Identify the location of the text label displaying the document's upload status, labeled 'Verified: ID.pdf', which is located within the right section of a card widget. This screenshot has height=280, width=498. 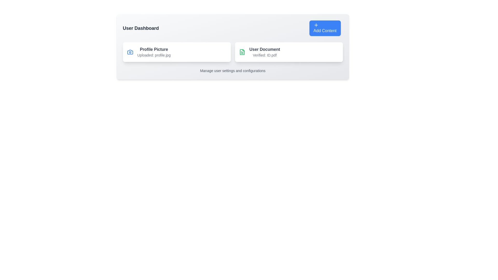
(265, 52).